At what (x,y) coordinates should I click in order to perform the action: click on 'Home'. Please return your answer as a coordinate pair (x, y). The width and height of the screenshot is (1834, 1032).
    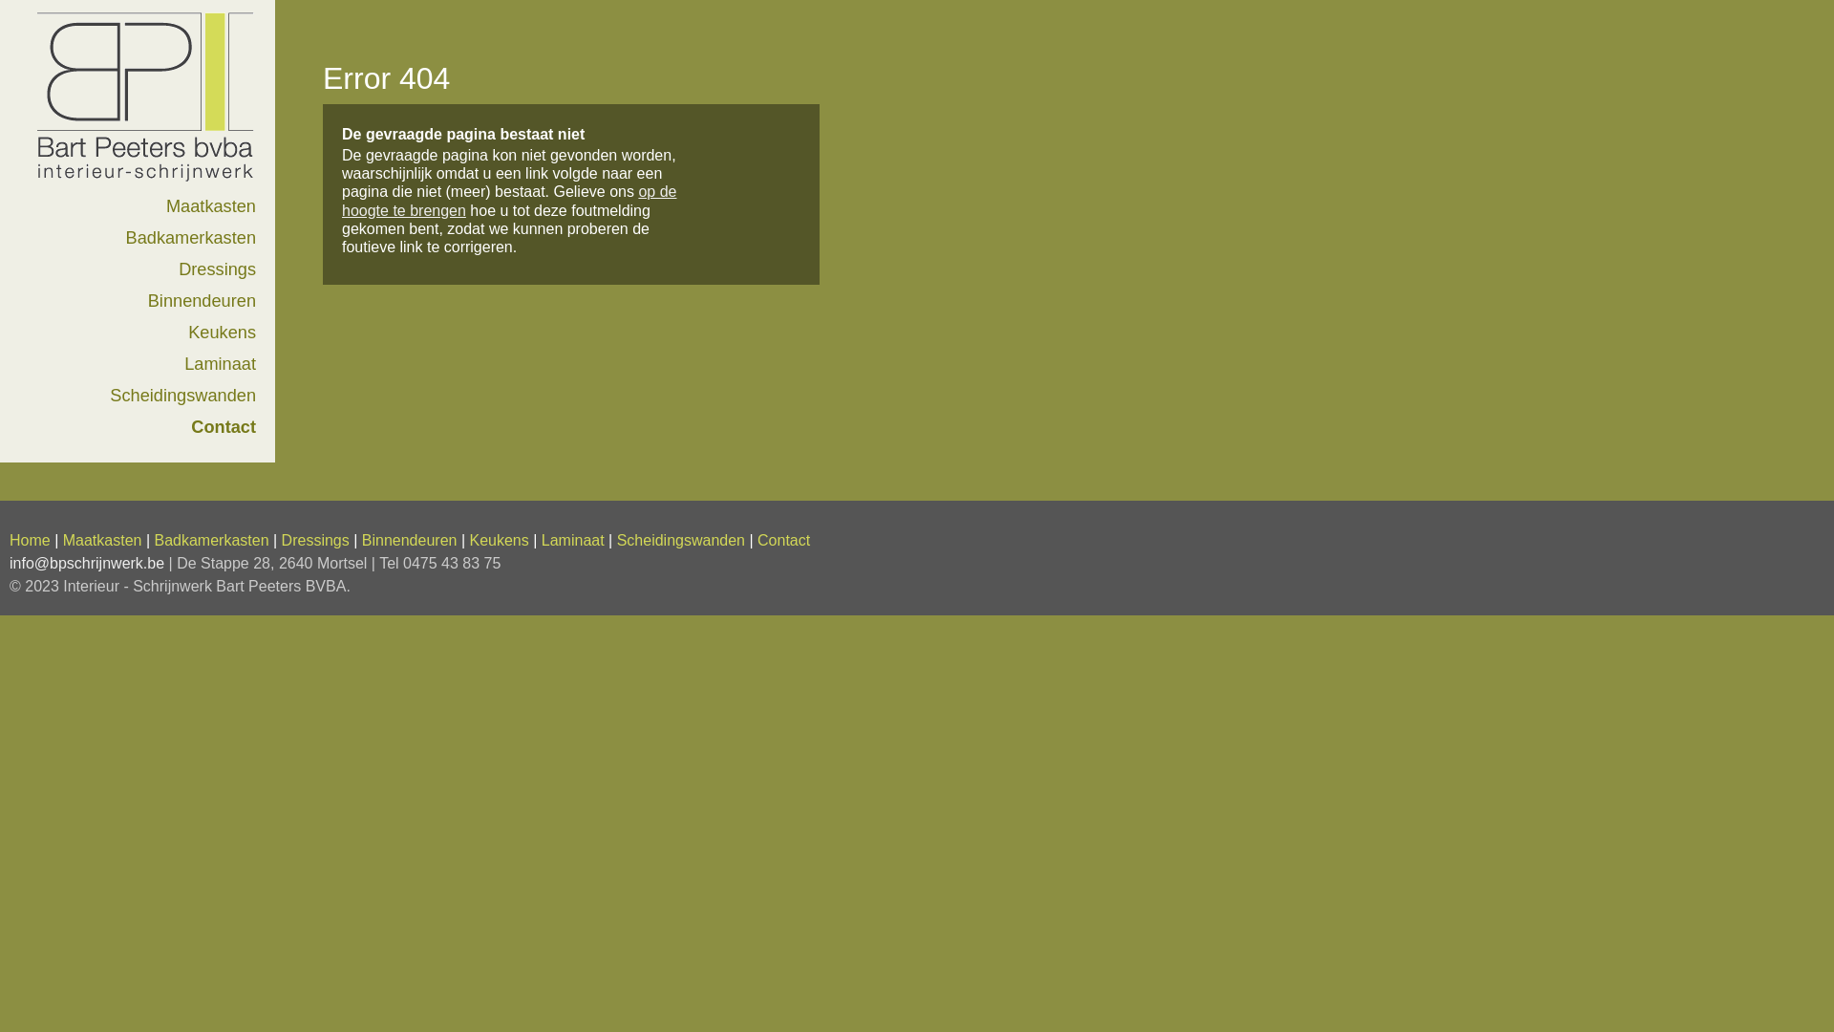
    Looking at the image, I should click on (9, 540).